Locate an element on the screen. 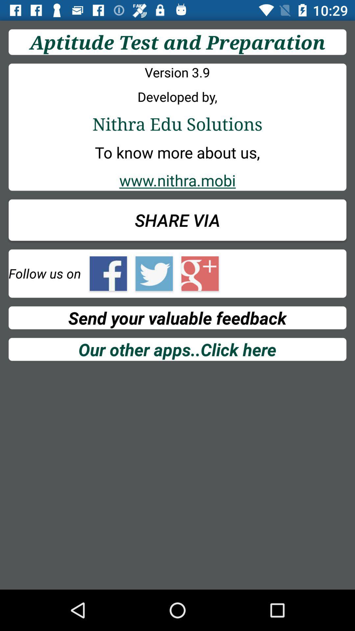  follow on twitter is located at coordinates (154, 273).